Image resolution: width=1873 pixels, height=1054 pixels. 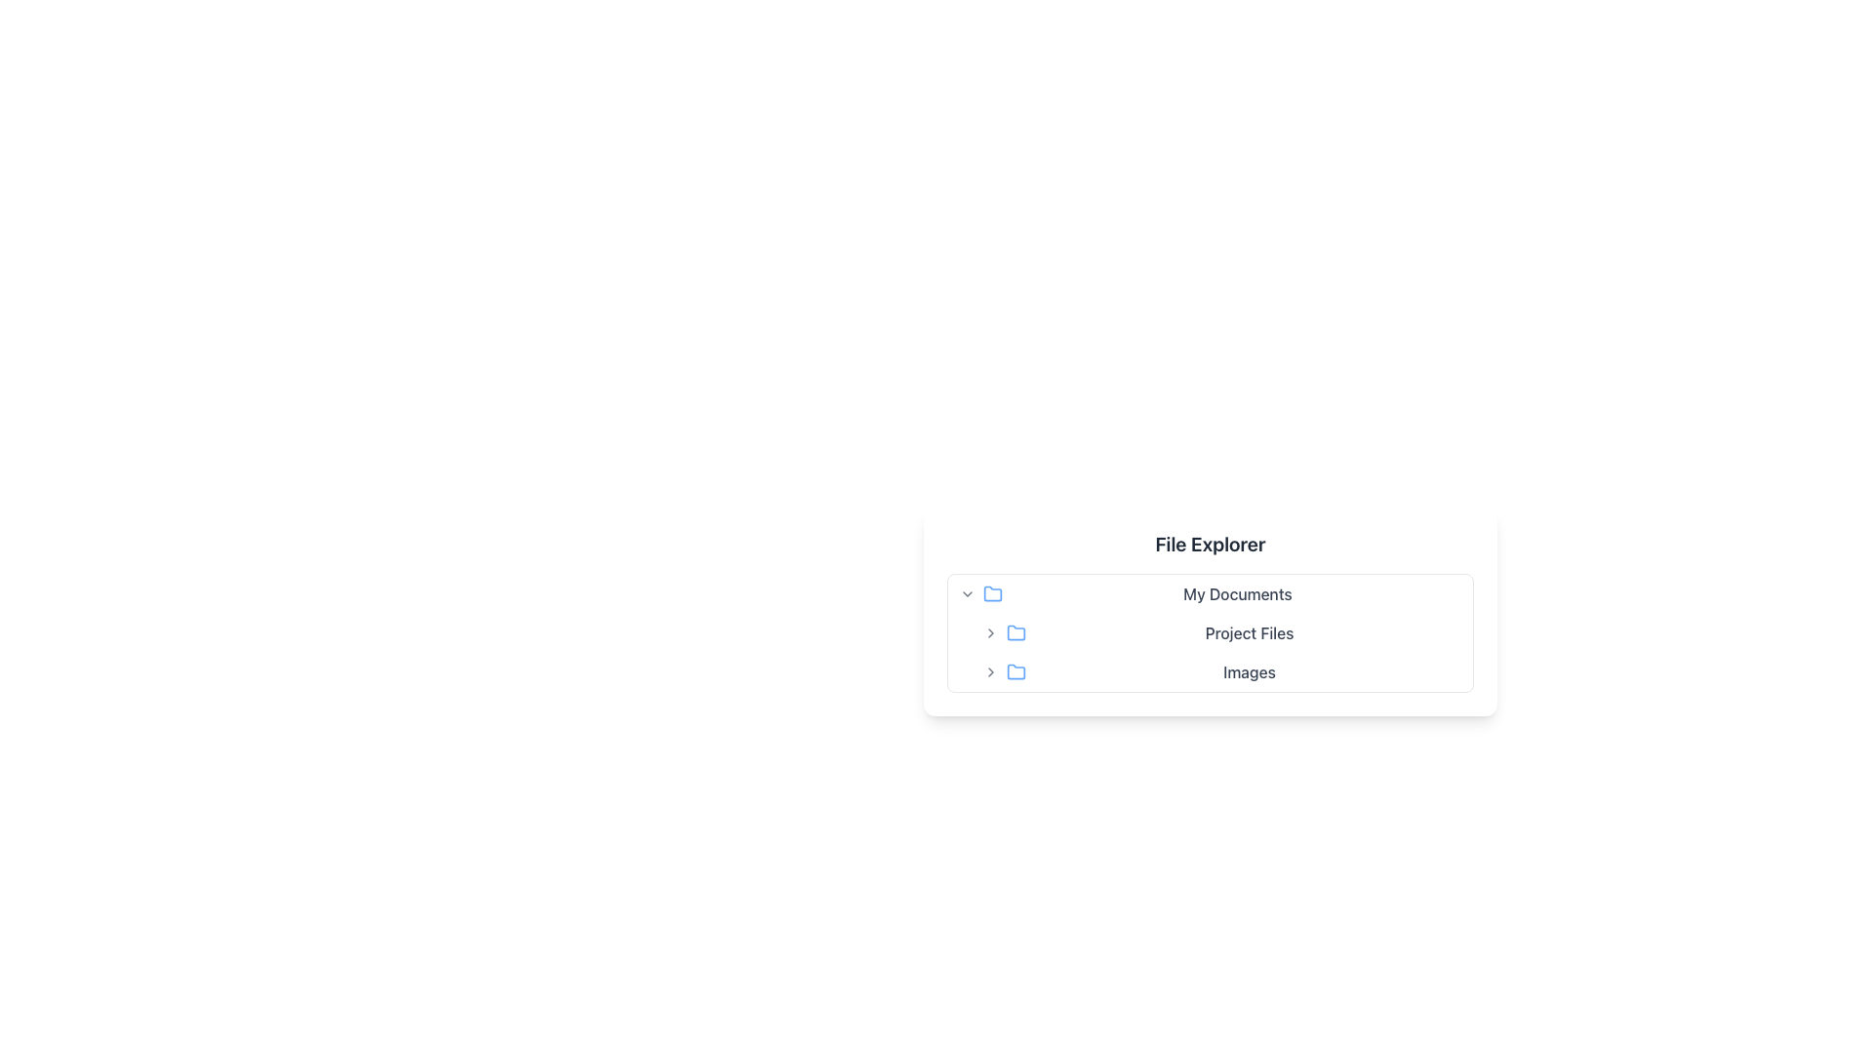 What do you see at coordinates (1015, 669) in the screenshot?
I see `the third folder icon in the file explorer list, which represents a folder and is located adjacent to the 'Images' text` at bounding box center [1015, 669].